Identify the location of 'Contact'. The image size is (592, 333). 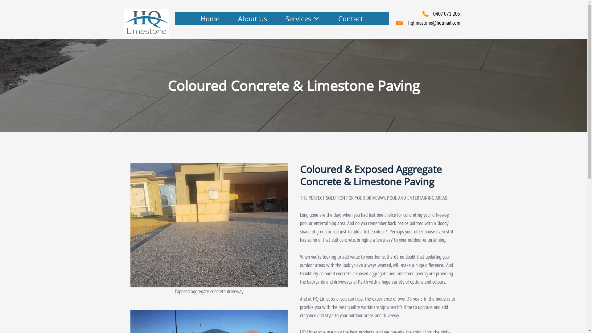
(351, 18).